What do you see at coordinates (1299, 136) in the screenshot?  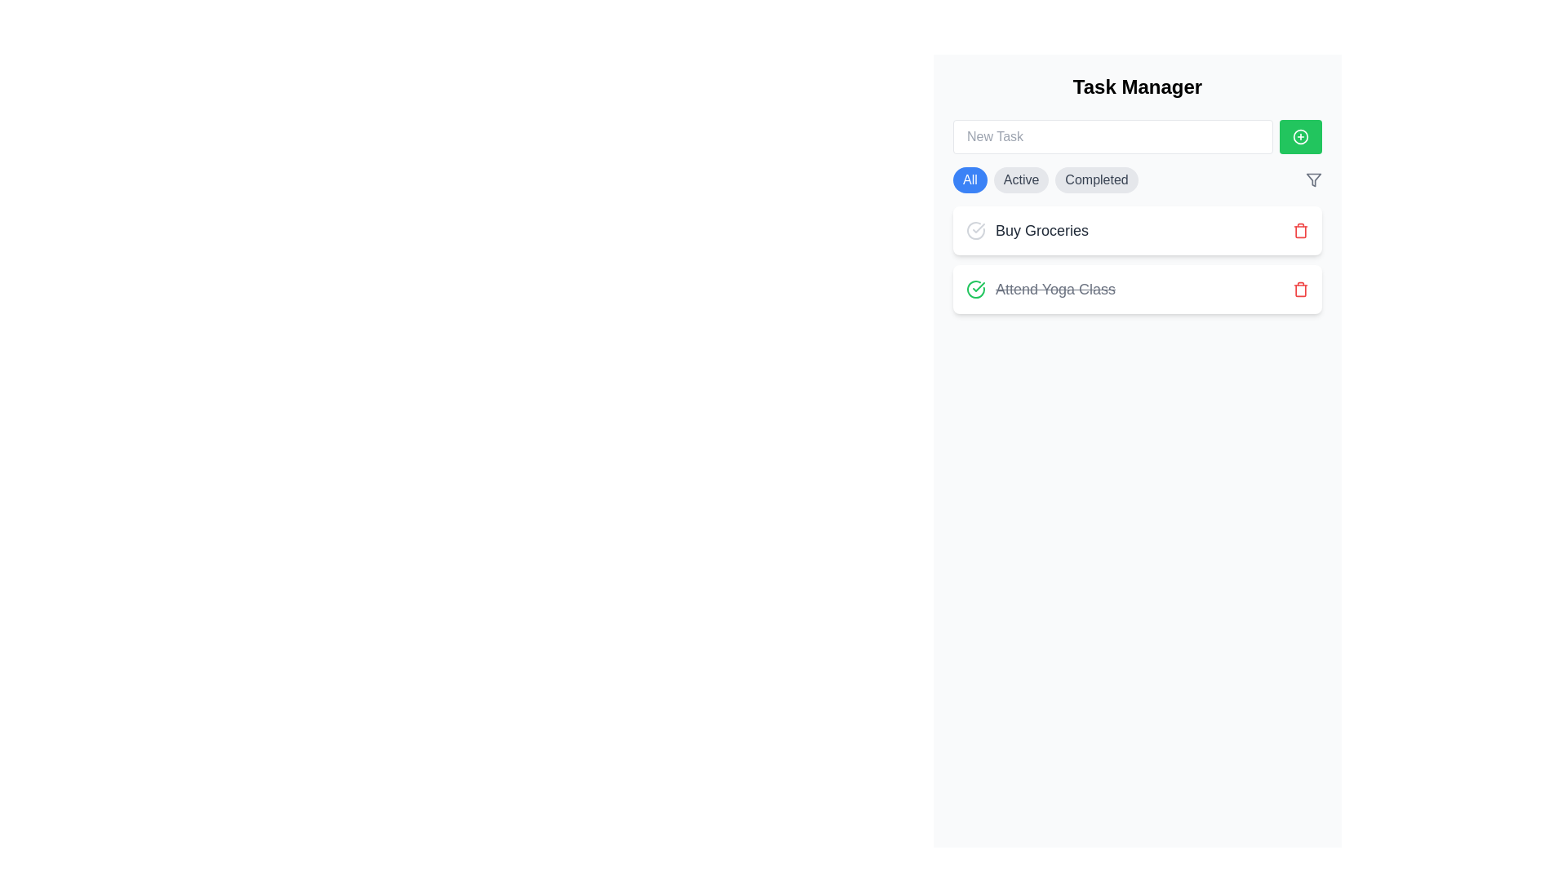 I see `the circular outline of the plus sign icon located in the top-right section of the interface, adjacent to the 'New Task' input field` at bounding box center [1299, 136].